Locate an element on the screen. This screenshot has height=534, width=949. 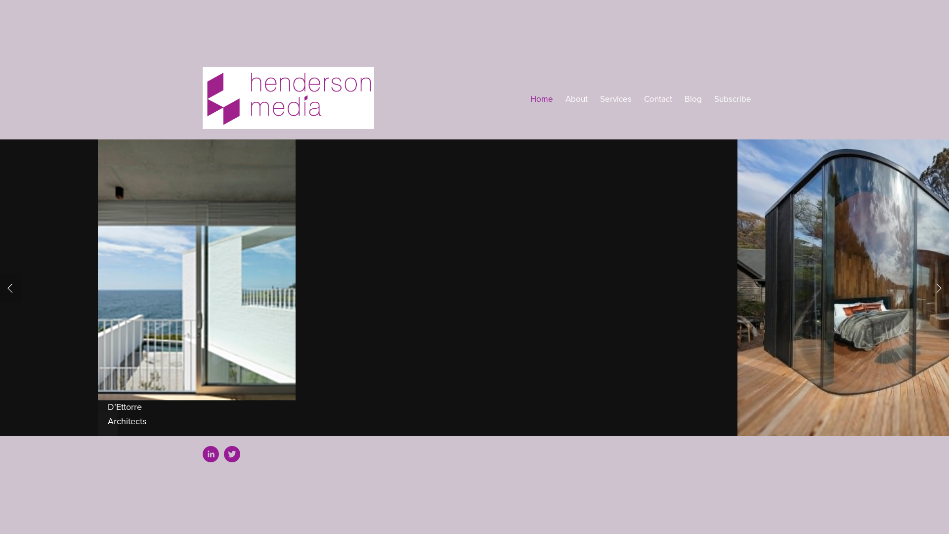
'Blog' is located at coordinates (692, 99).